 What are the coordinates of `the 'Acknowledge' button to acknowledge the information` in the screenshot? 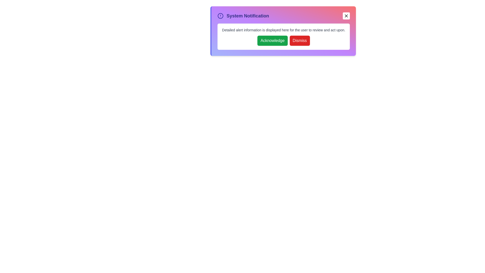 It's located at (272, 40).